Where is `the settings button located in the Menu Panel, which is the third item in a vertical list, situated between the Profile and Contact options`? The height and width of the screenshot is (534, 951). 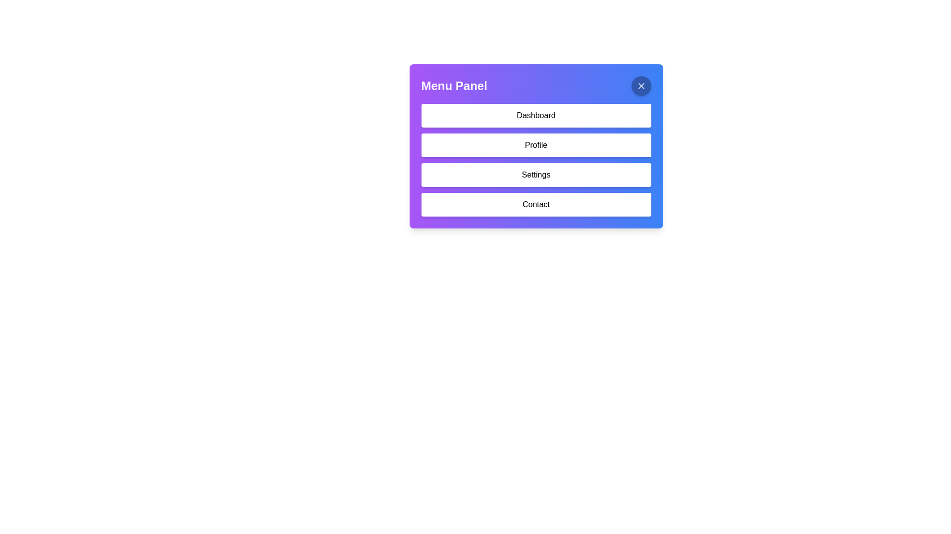 the settings button located in the Menu Panel, which is the third item in a vertical list, situated between the Profile and Contact options is located at coordinates (535, 175).